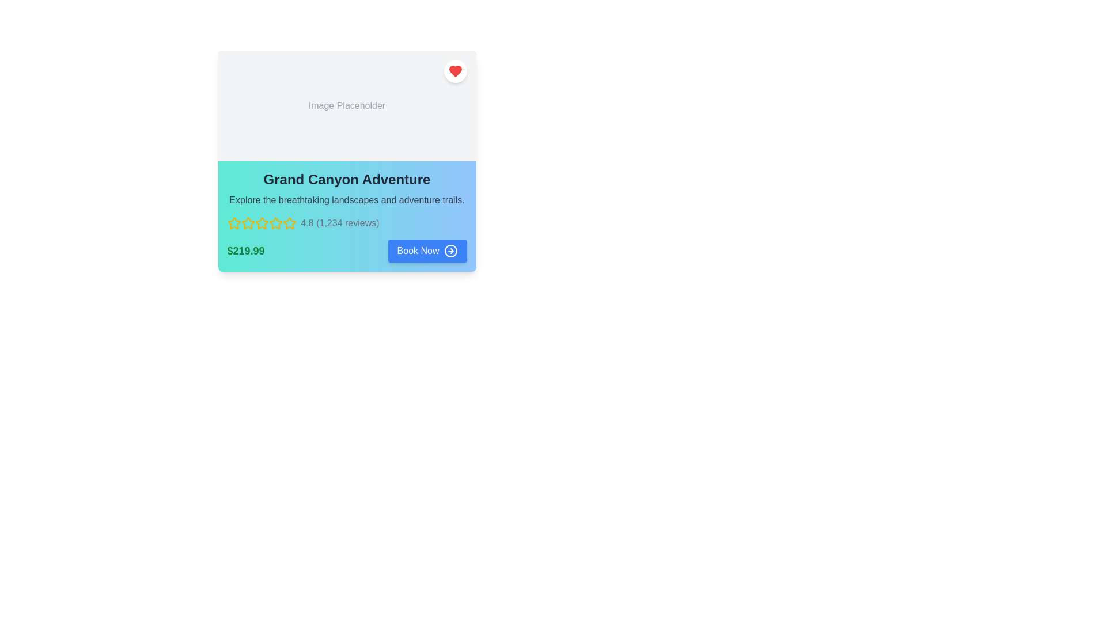 The height and width of the screenshot is (622, 1106). What do you see at coordinates (450, 250) in the screenshot?
I see `the circular outline of the SVG icon associated with the 'Book Now' button` at bounding box center [450, 250].